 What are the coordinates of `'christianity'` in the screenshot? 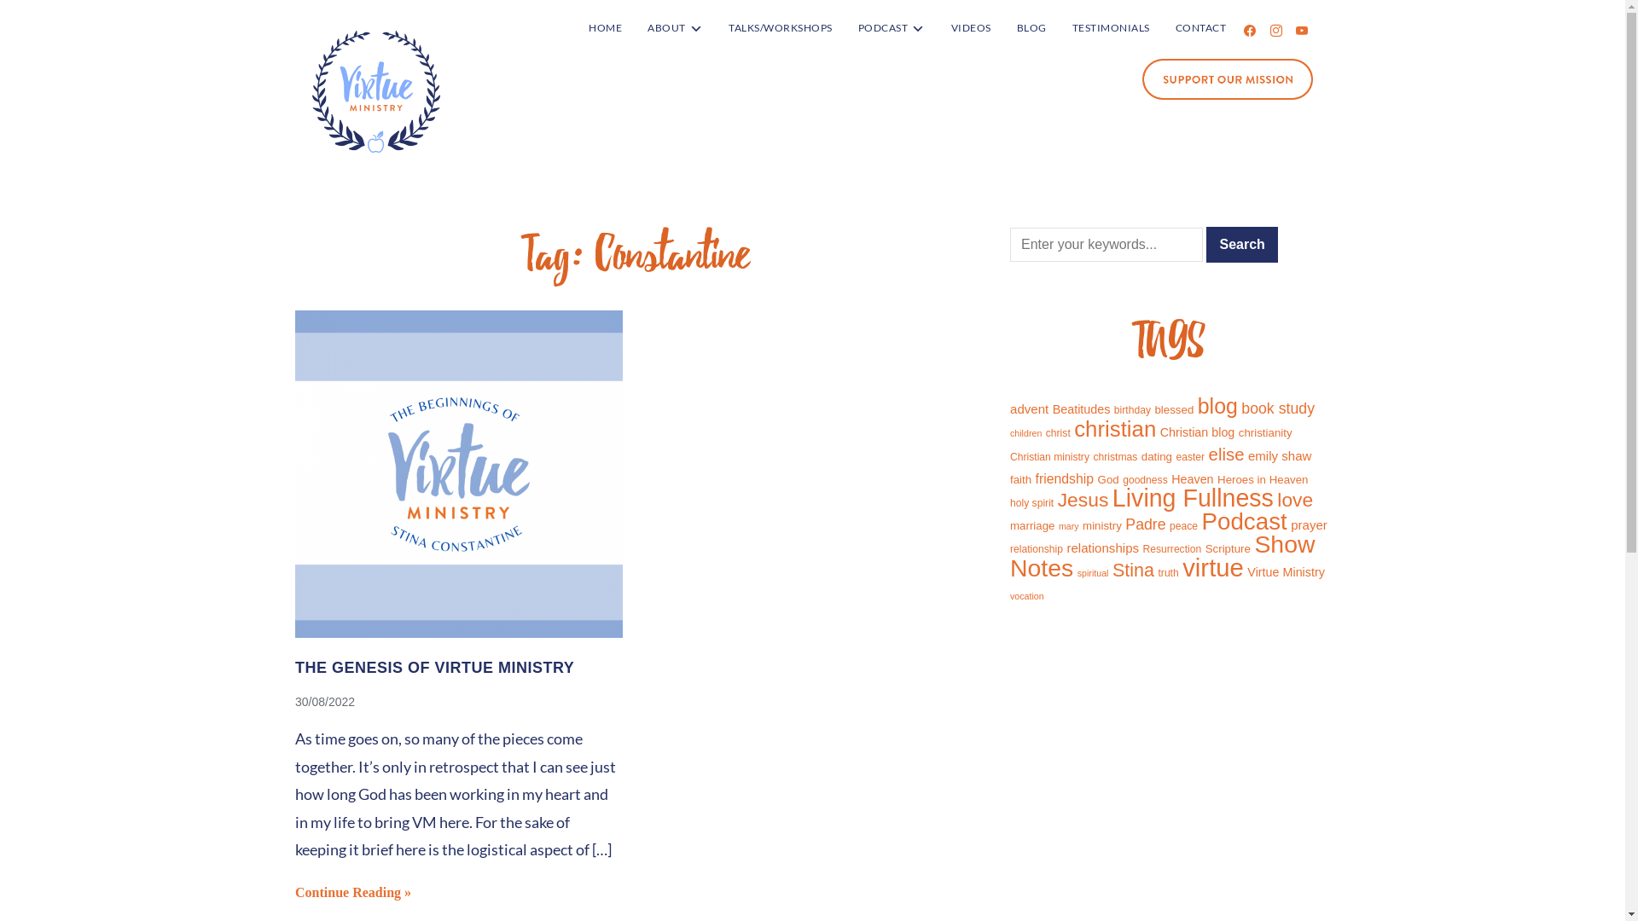 It's located at (1265, 432).